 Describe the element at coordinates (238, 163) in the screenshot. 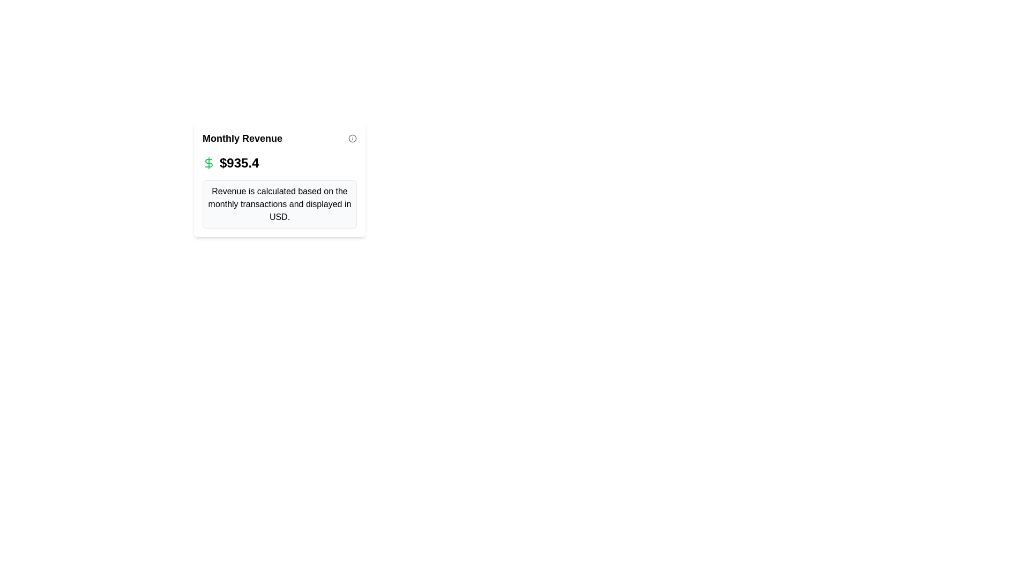

I see `the prominent text label displaying the value '$935.4' which is styled in bold typography and located to the right of a green dollar sign icon in the 'Monthly Revenue' section` at that location.